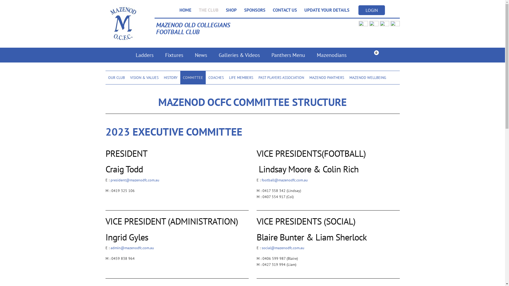  What do you see at coordinates (282, 248) in the screenshot?
I see `'social@mazenodfc.com.au'` at bounding box center [282, 248].